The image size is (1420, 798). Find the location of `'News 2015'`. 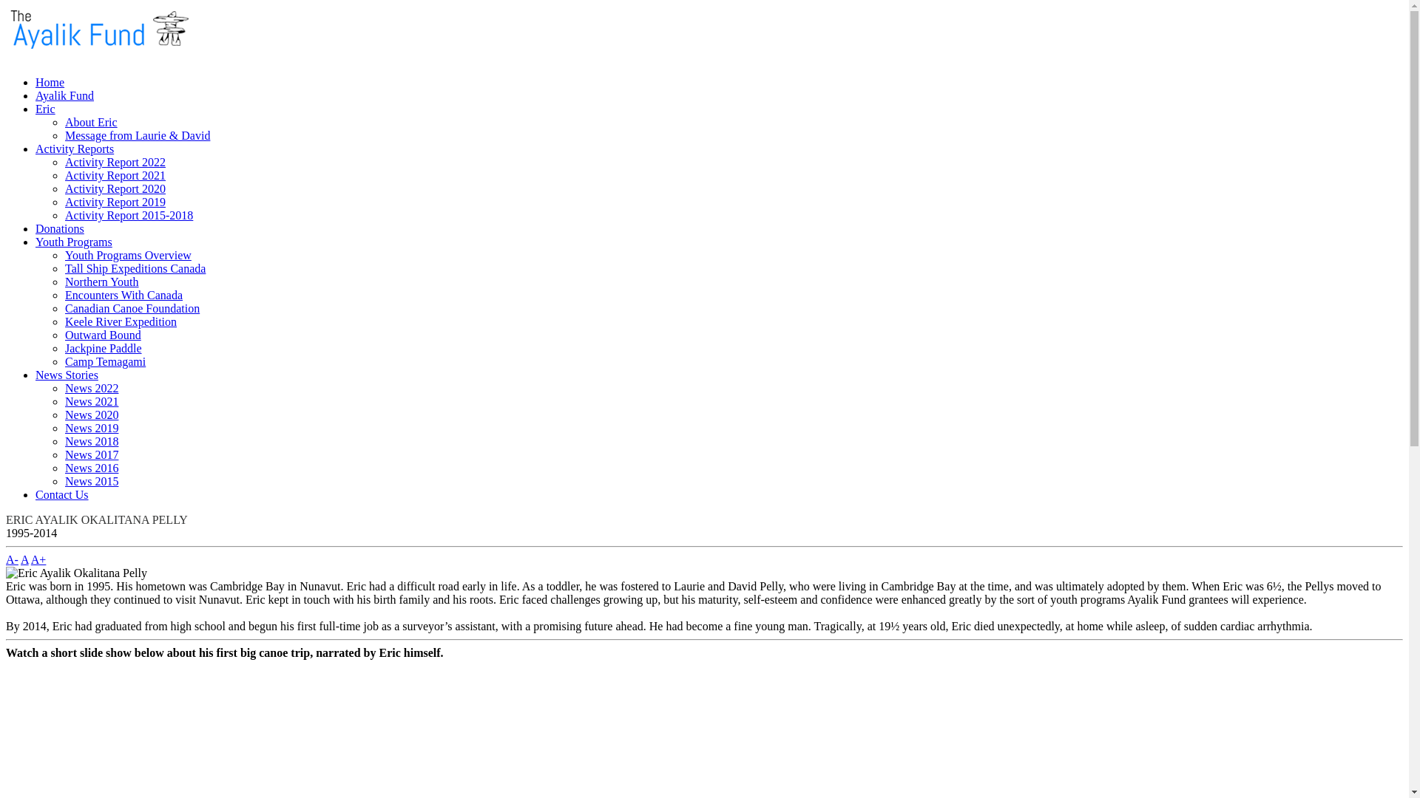

'News 2015' is located at coordinates (64, 481).